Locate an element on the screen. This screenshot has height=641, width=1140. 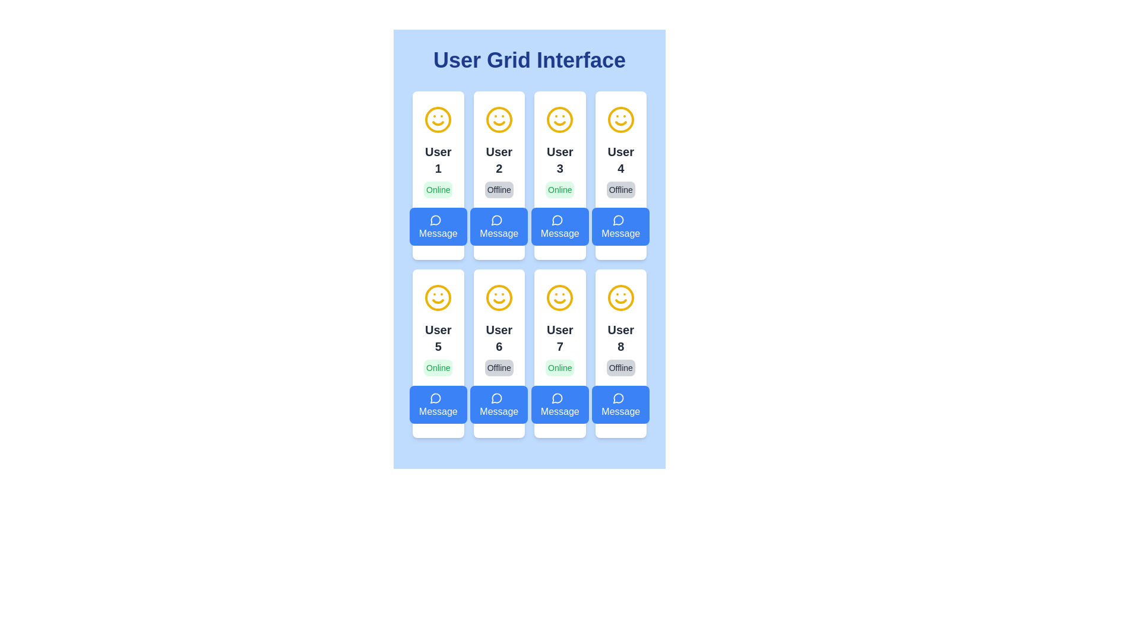
the smiley face icon representing User 8's status, located centrally in the top section of the user card is located at coordinates (620, 297).